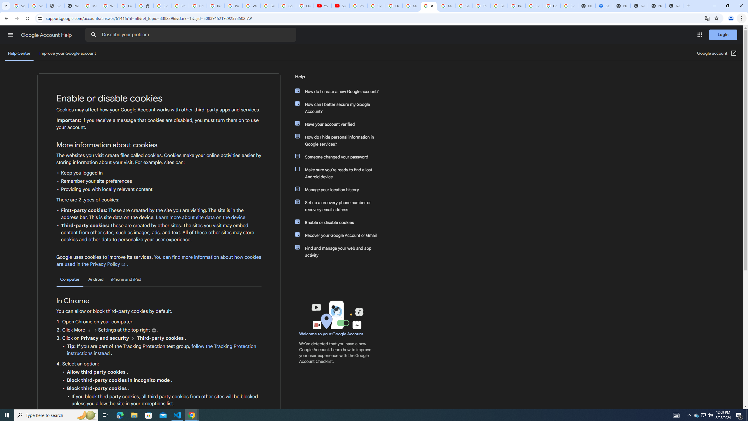 The image size is (748, 421). I want to click on 'Sign in - Google Accounts', so click(38, 6).